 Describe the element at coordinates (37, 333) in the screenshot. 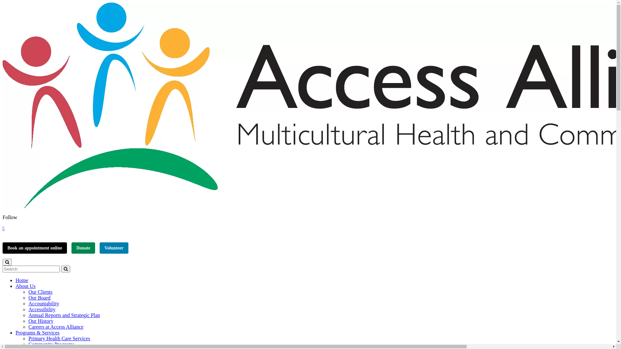

I see `'Programs & Services'` at that location.